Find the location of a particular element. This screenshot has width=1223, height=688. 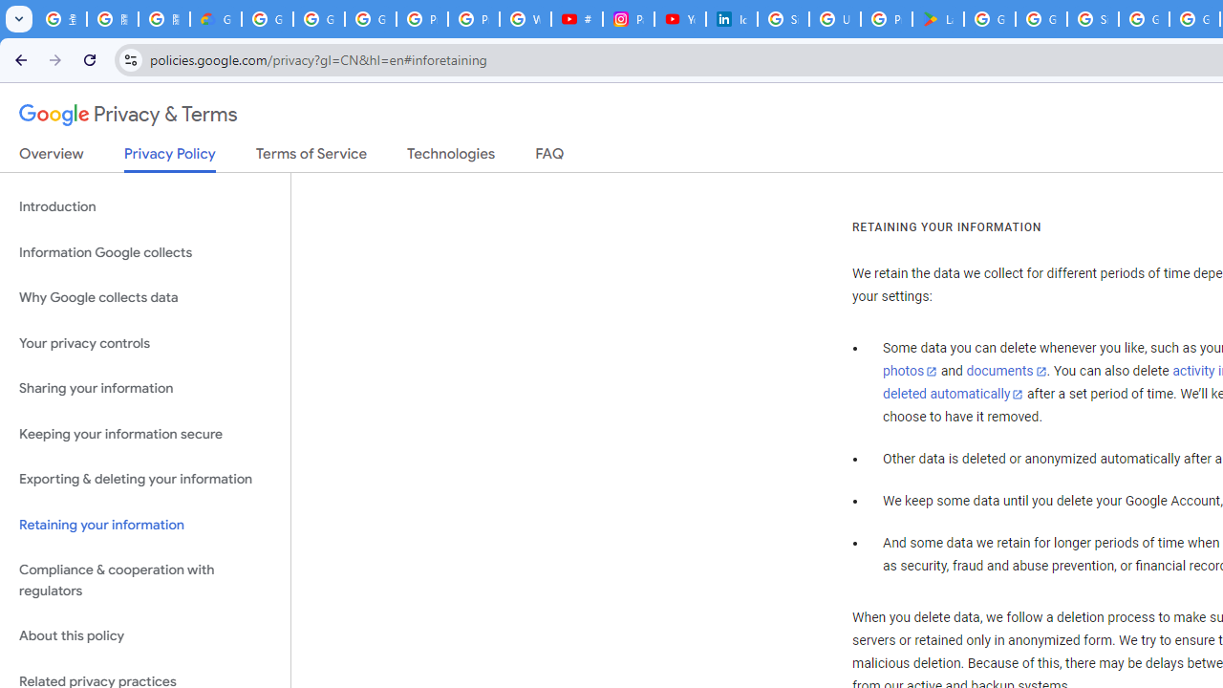

'Privacy Policy' is located at coordinates (169, 158).